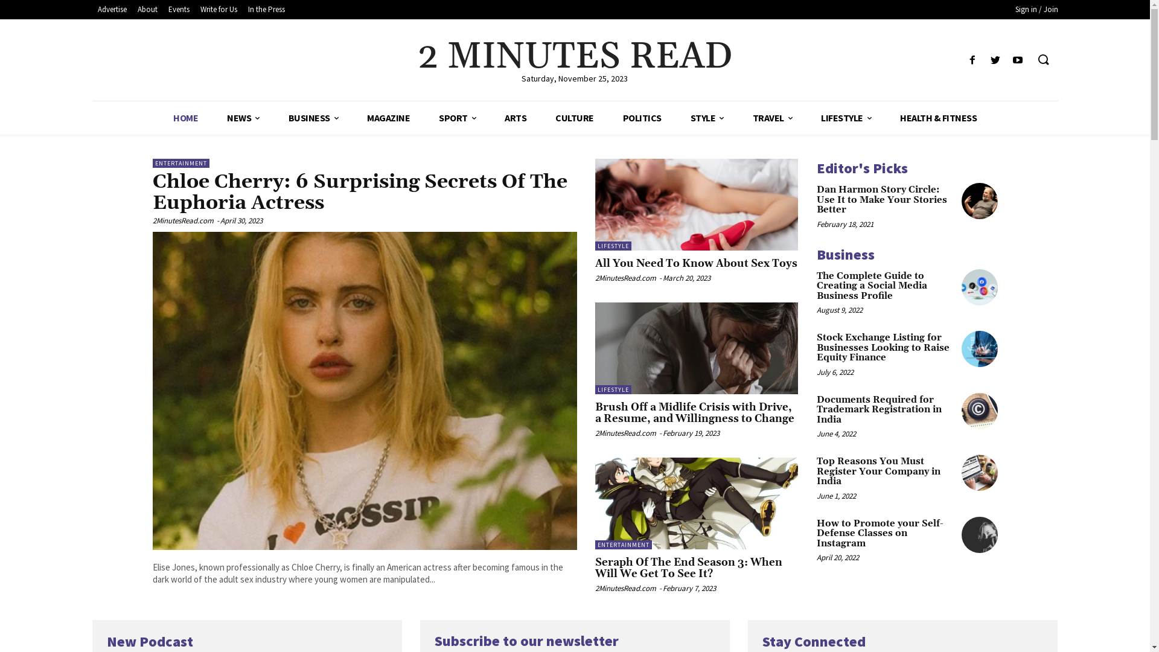 The height and width of the screenshot is (652, 1159). Describe the element at coordinates (697, 503) in the screenshot. I see `'Seraph Of The End Season 3: When Will We Get To See It?'` at that location.